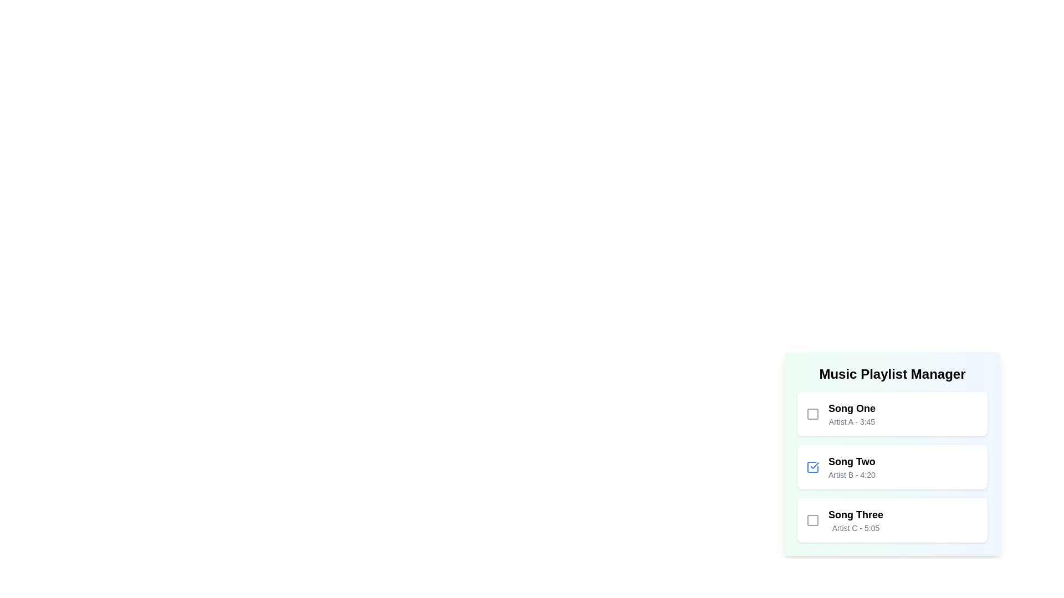 The height and width of the screenshot is (598, 1064). What do you see at coordinates (892, 448) in the screenshot?
I see `the checkbox of the List Item with Checkbox titled 'Song Two'` at bounding box center [892, 448].